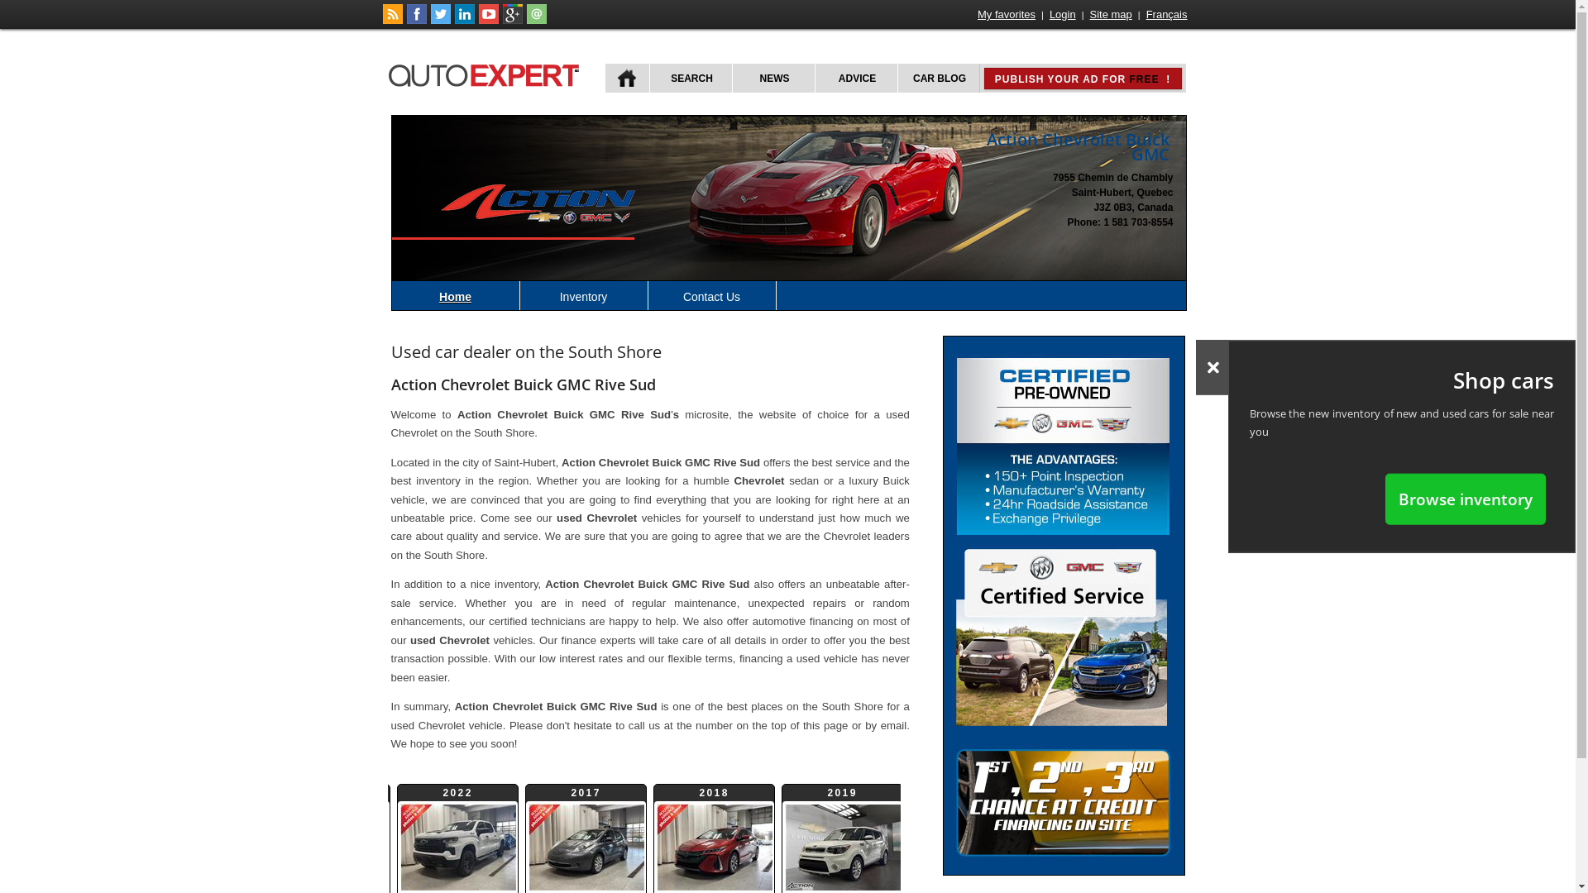 This screenshot has height=893, width=1588. What do you see at coordinates (1111, 14) in the screenshot?
I see `'Site map'` at bounding box center [1111, 14].